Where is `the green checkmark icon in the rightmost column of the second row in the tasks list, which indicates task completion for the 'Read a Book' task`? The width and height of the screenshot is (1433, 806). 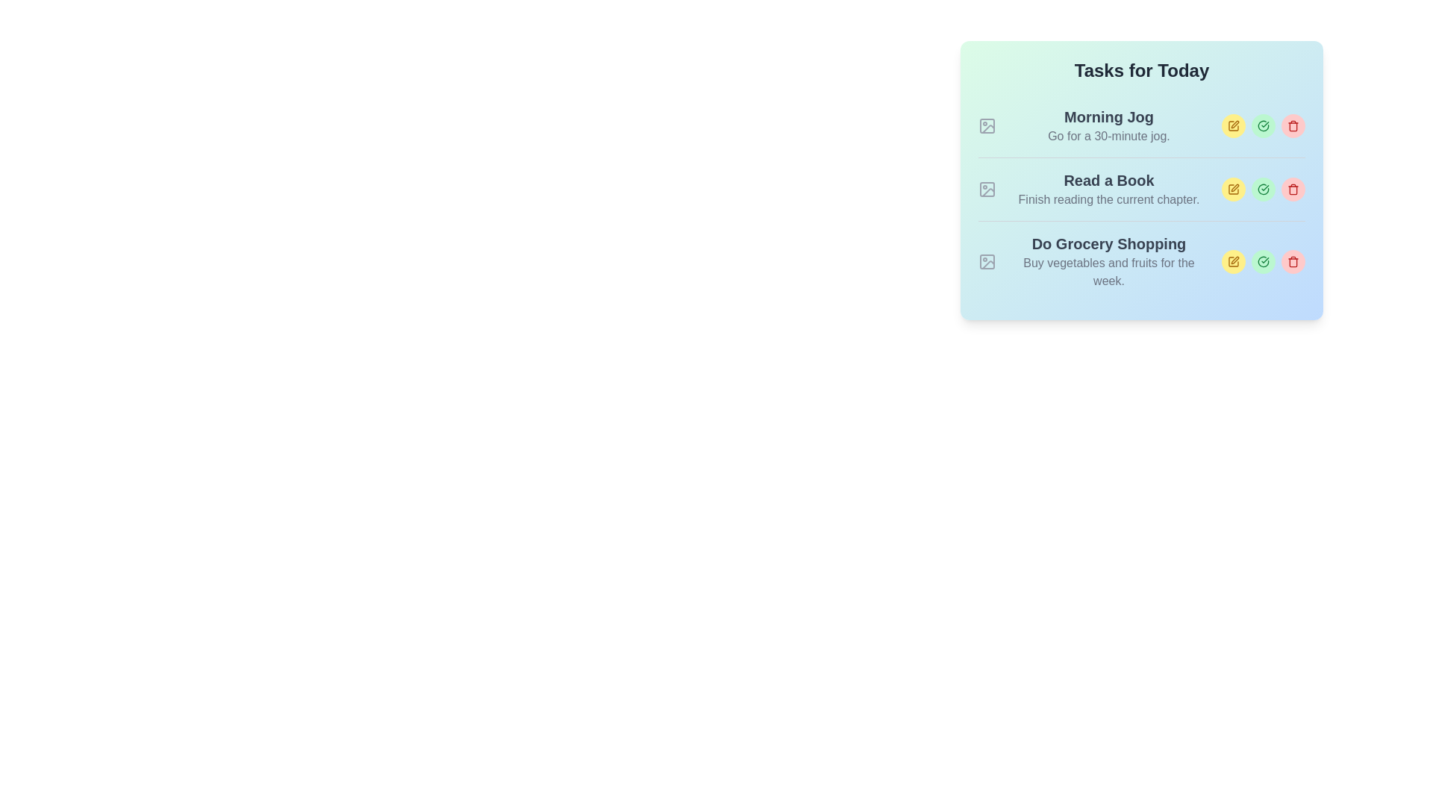 the green checkmark icon in the rightmost column of the second row in the tasks list, which indicates task completion for the 'Read a Book' task is located at coordinates (1263, 125).